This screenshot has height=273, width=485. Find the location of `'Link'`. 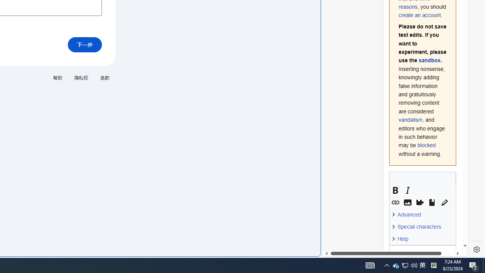

'Link' is located at coordinates (395, 202).